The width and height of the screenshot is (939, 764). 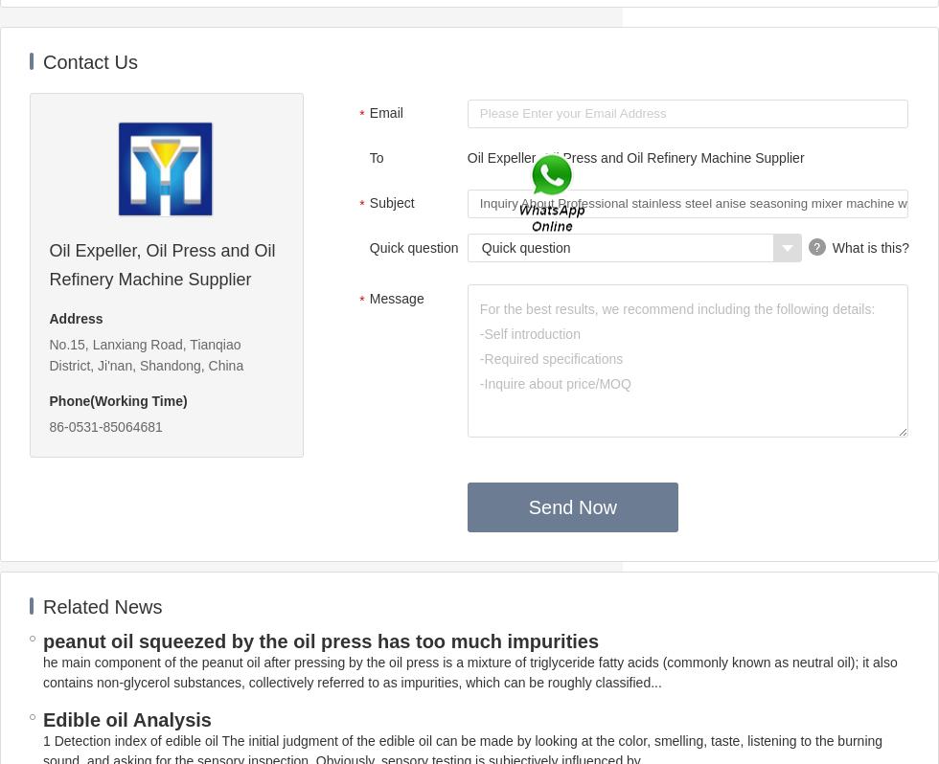 What do you see at coordinates (396, 298) in the screenshot?
I see `'Message'` at bounding box center [396, 298].